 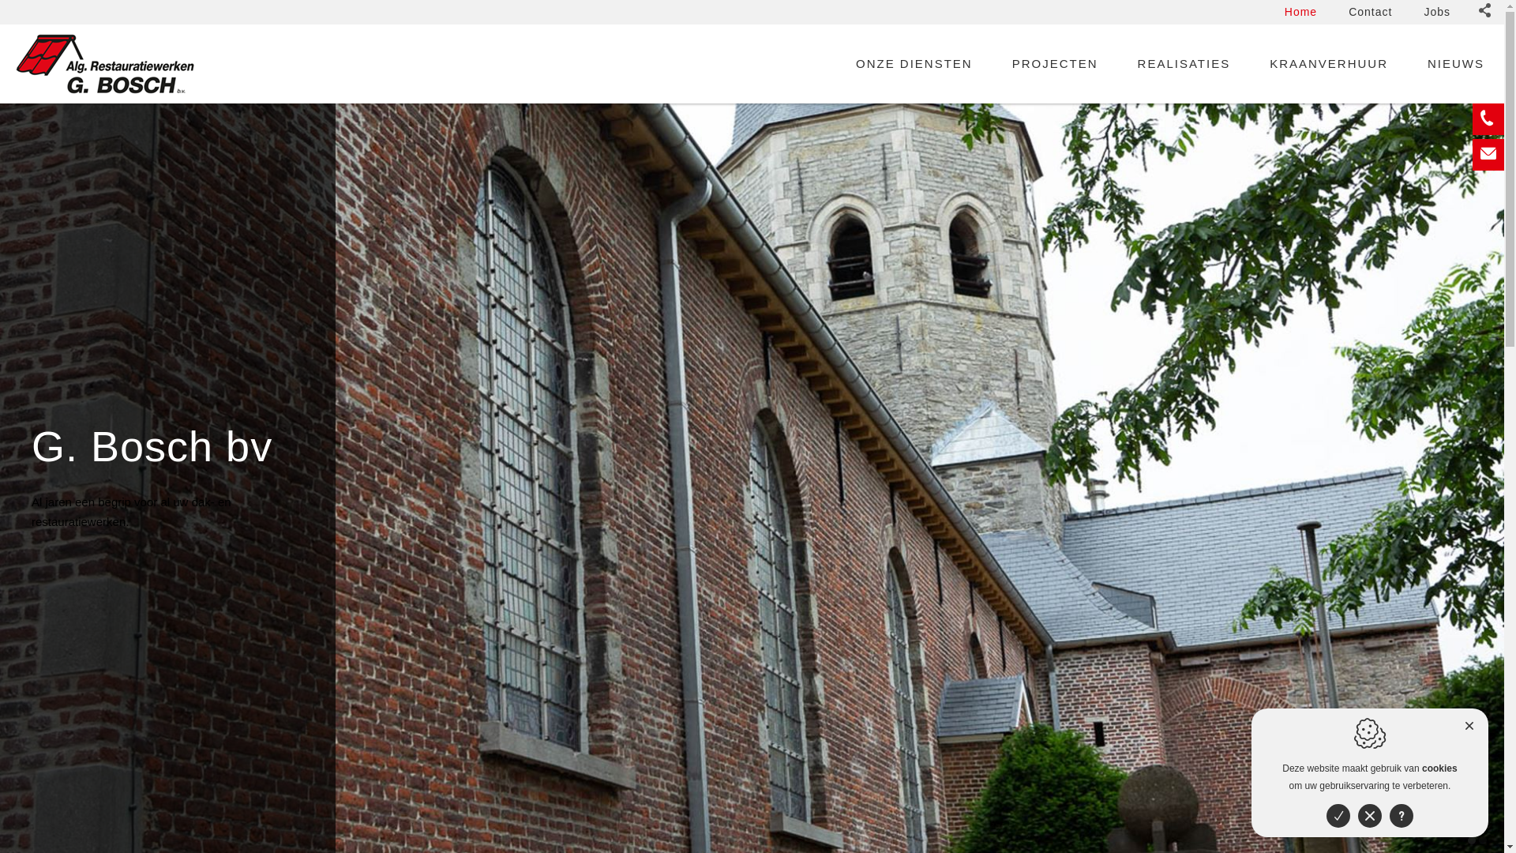 What do you see at coordinates (1337, 816) in the screenshot?
I see `'Aanvaarden'` at bounding box center [1337, 816].